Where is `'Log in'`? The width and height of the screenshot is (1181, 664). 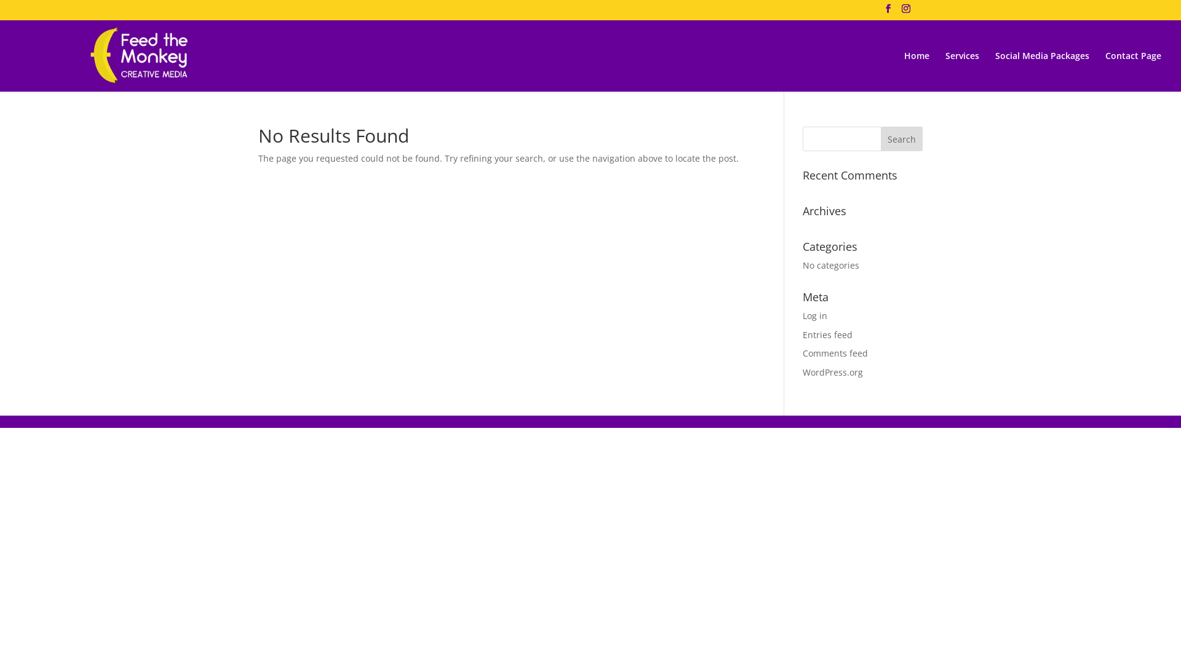 'Log in' is located at coordinates (803, 315).